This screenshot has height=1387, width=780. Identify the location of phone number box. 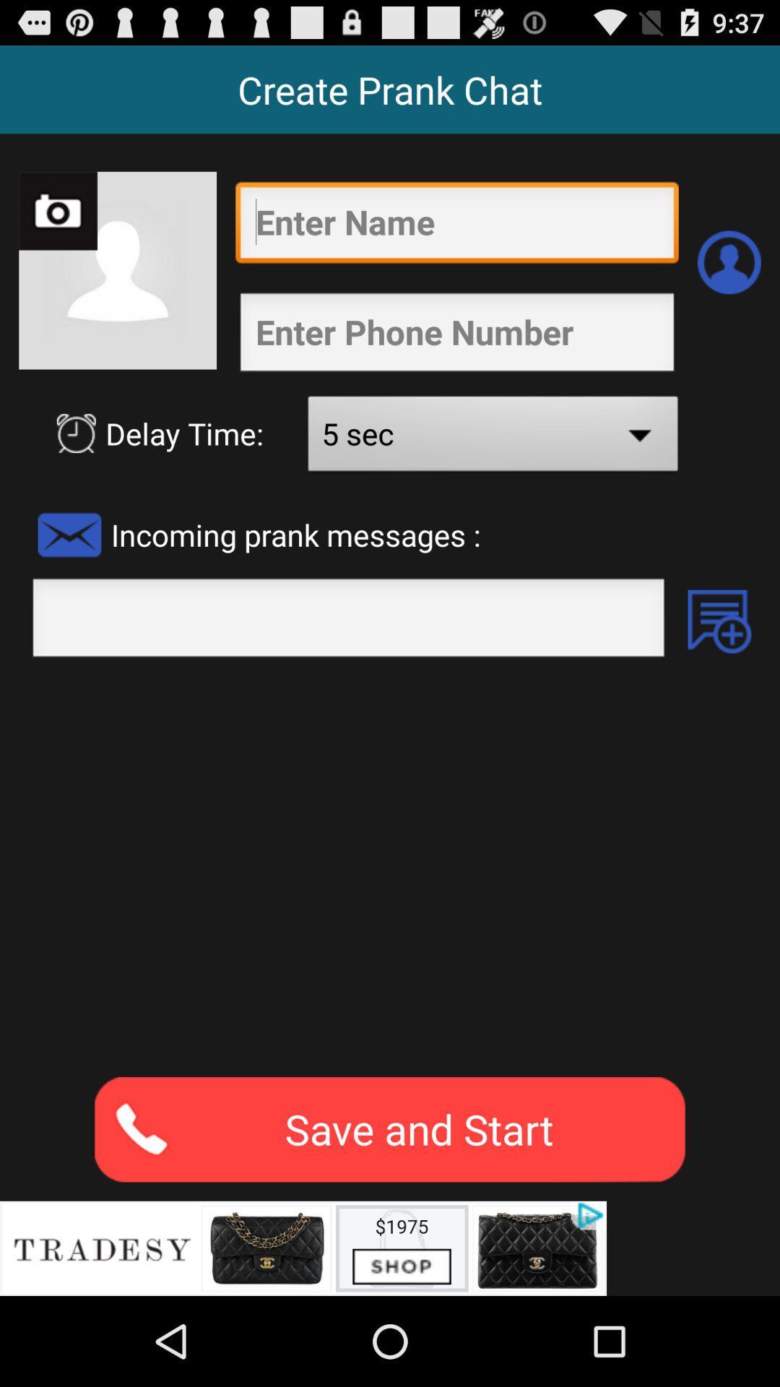
(456, 335).